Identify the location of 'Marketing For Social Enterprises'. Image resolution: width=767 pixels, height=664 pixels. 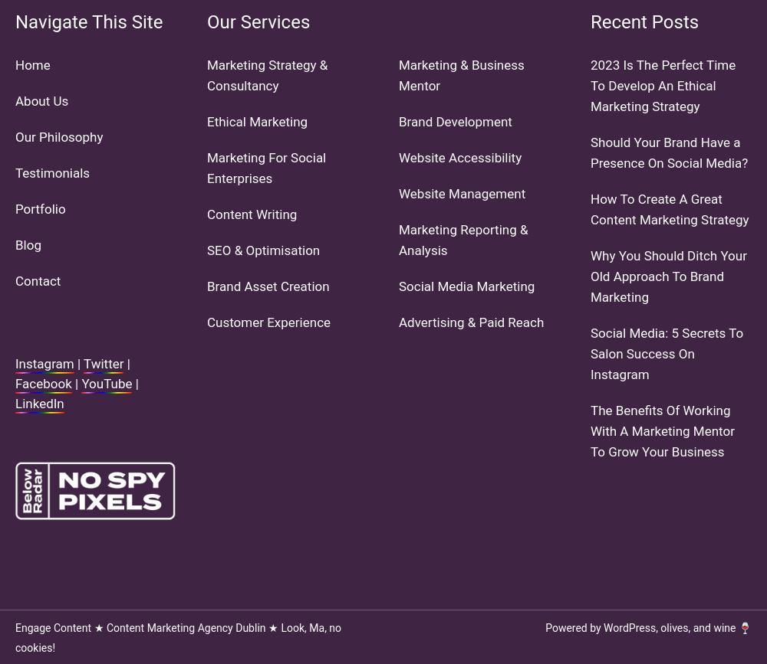
(265, 167).